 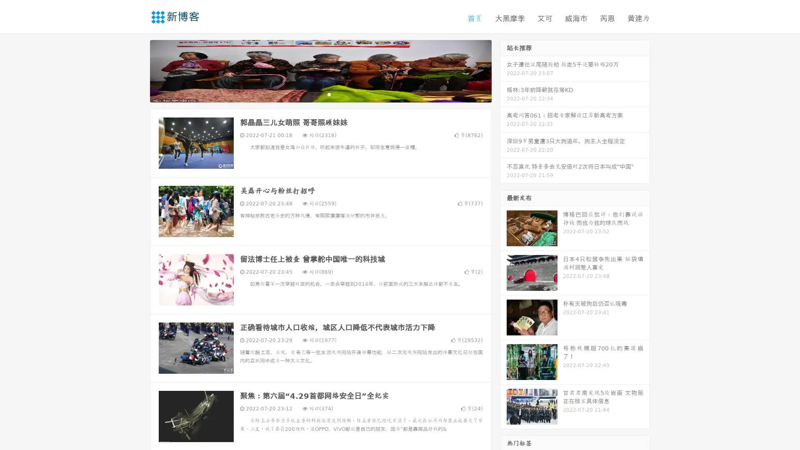 I want to click on Go to slide 2, so click(x=320, y=94).